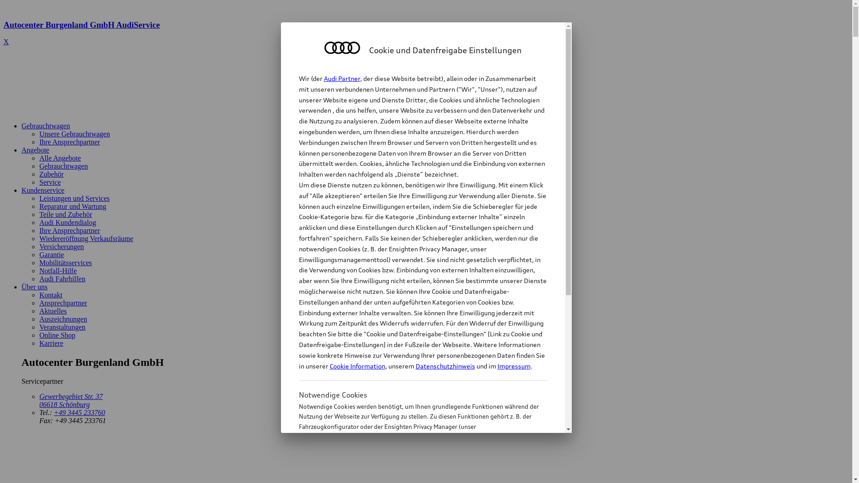 This screenshot has width=859, height=483. Describe the element at coordinates (38, 206) in the screenshot. I see `'Reparatur und Wartung'` at that location.